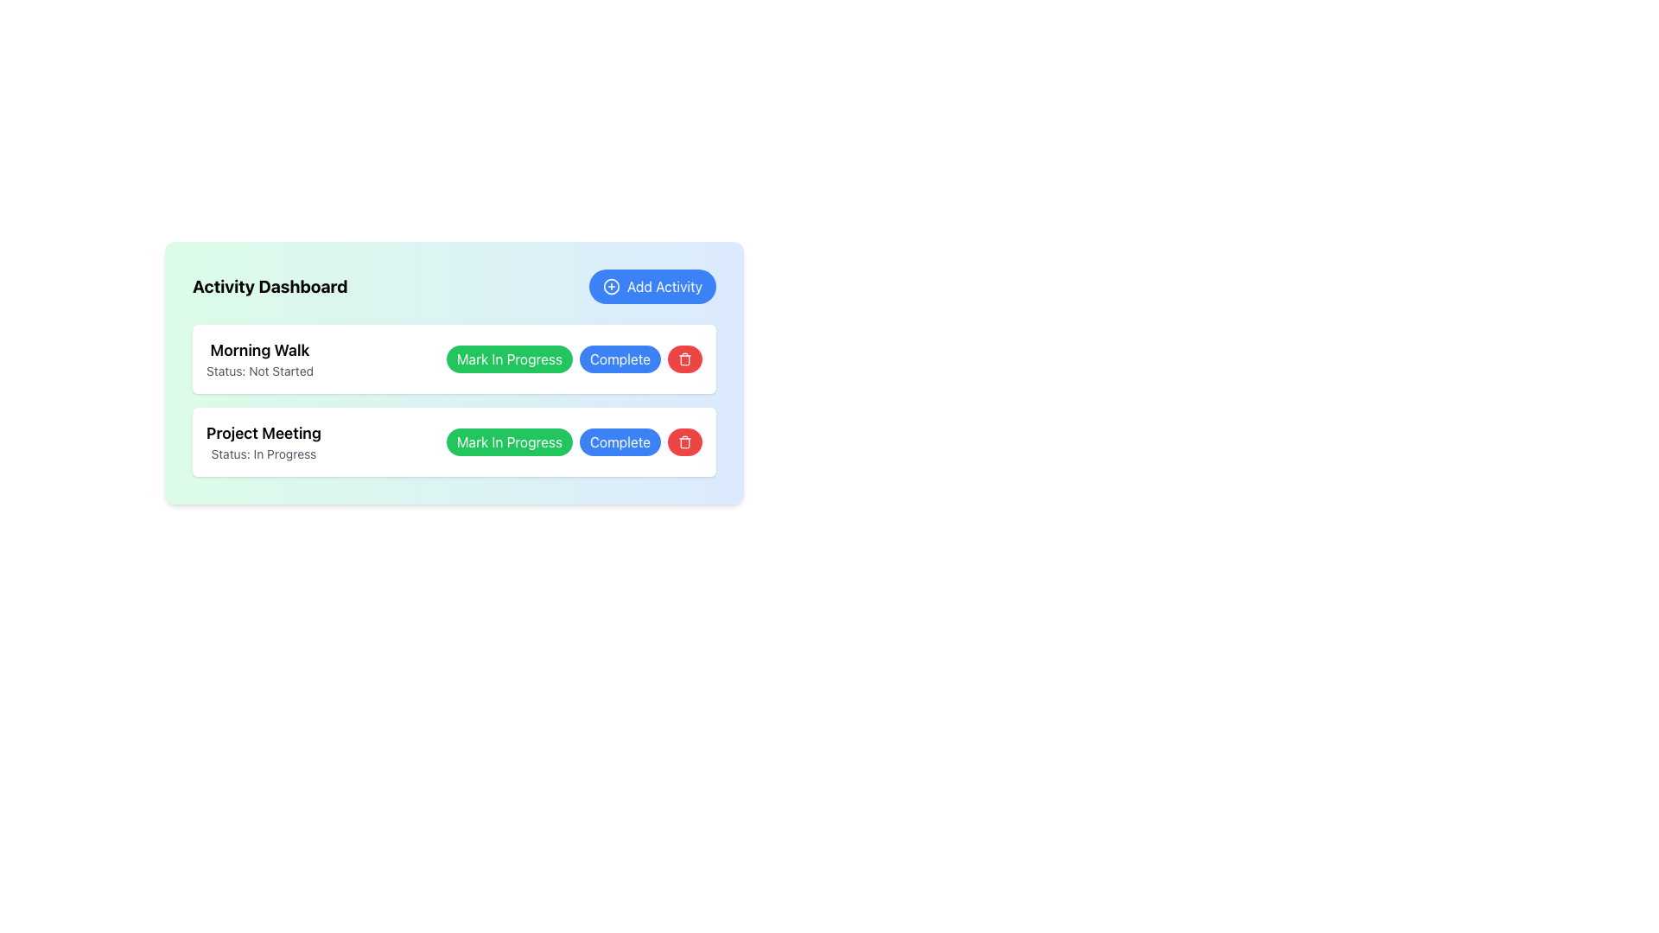 The width and height of the screenshot is (1659, 933). Describe the element at coordinates (683, 441) in the screenshot. I see `the trash can icon within the red circular button at the far-right end of the button group` at that location.